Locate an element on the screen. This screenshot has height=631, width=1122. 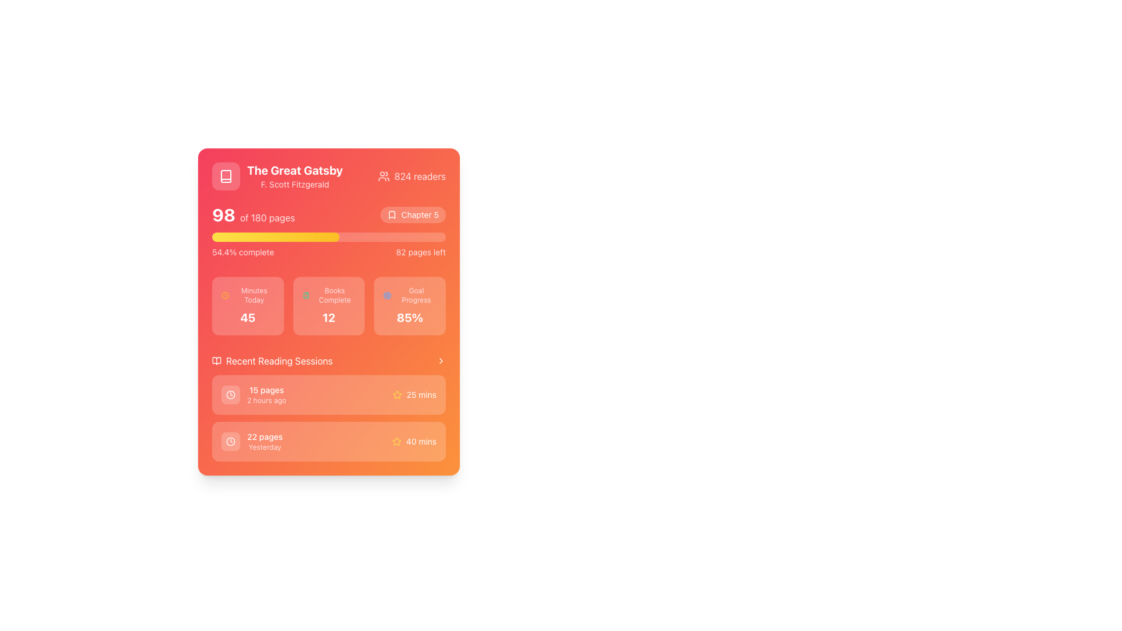
the specific session entries in the 'Recent Reading Sessions' section which contains cards summarizing reading sessions is located at coordinates (328, 407).